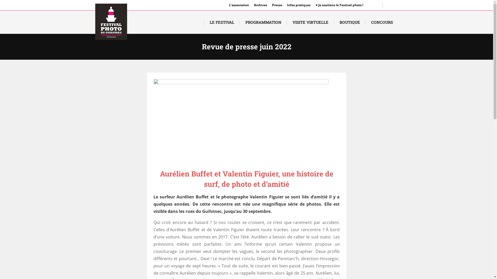 This screenshot has height=279, width=497. What do you see at coordinates (222, 22) in the screenshot?
I see `'LE FESTIVAL'` at bounding box center [222, 22].